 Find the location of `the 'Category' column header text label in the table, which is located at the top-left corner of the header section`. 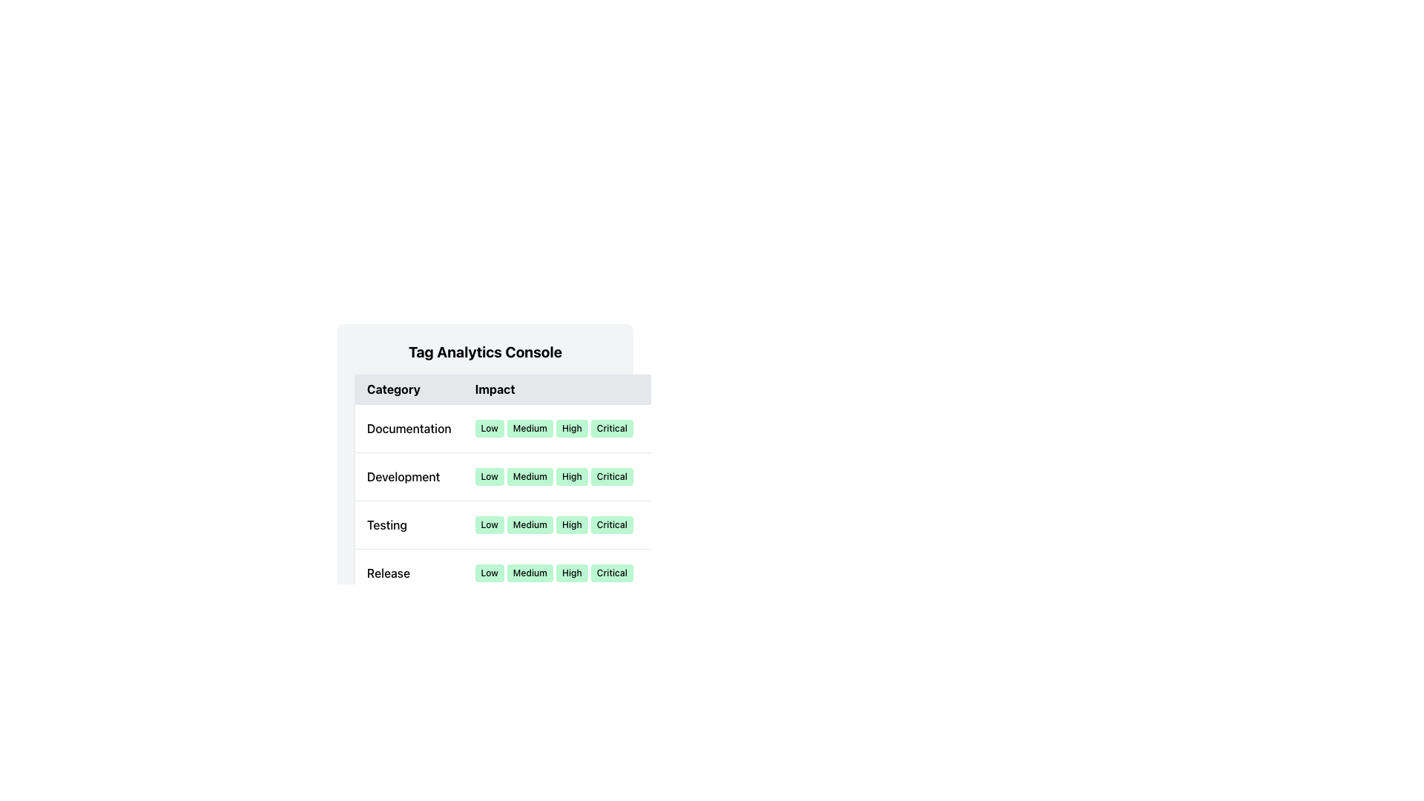

the 'Category' column header text label in the table, which is located at the top-left corner of the header section is located at coordinates (409, 389).